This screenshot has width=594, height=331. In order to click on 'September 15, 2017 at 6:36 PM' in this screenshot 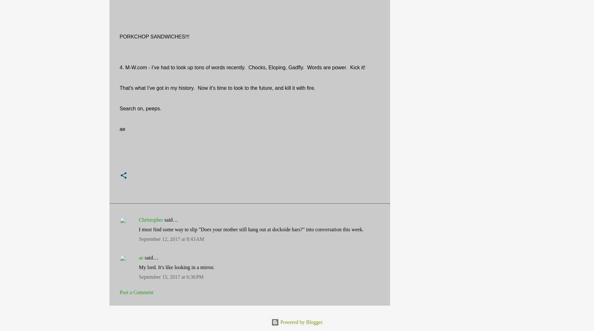, I will do `click(171, 277)`.